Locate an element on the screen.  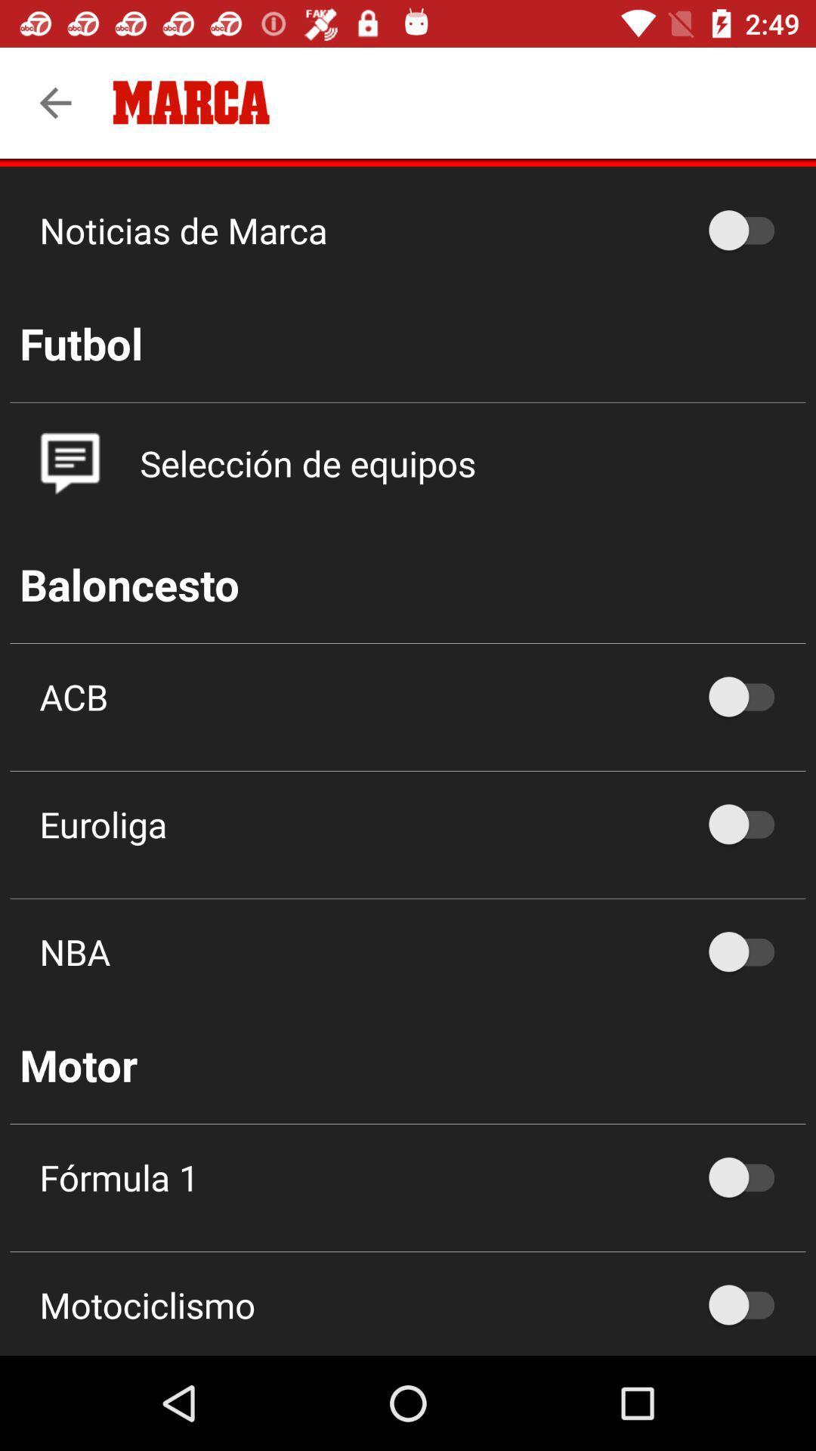
option is located at coordinates (749, 823).